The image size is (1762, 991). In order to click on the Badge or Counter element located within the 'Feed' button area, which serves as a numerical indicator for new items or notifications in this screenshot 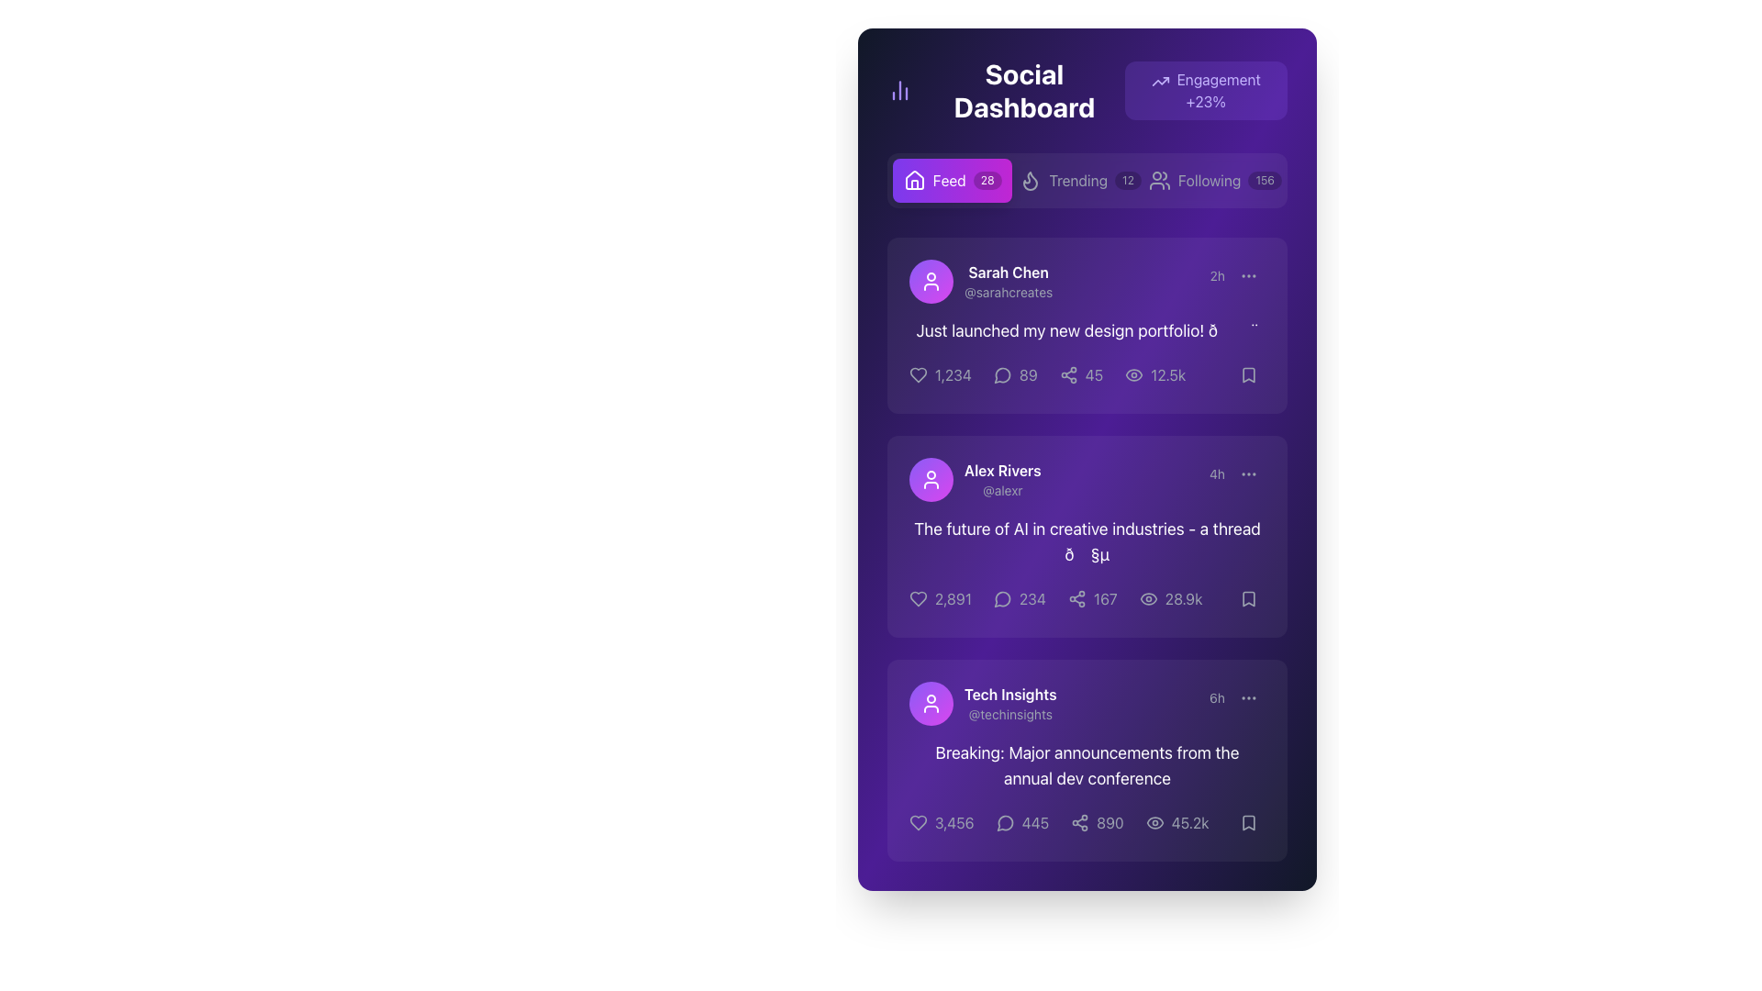, I will do `click(987, 180)`.